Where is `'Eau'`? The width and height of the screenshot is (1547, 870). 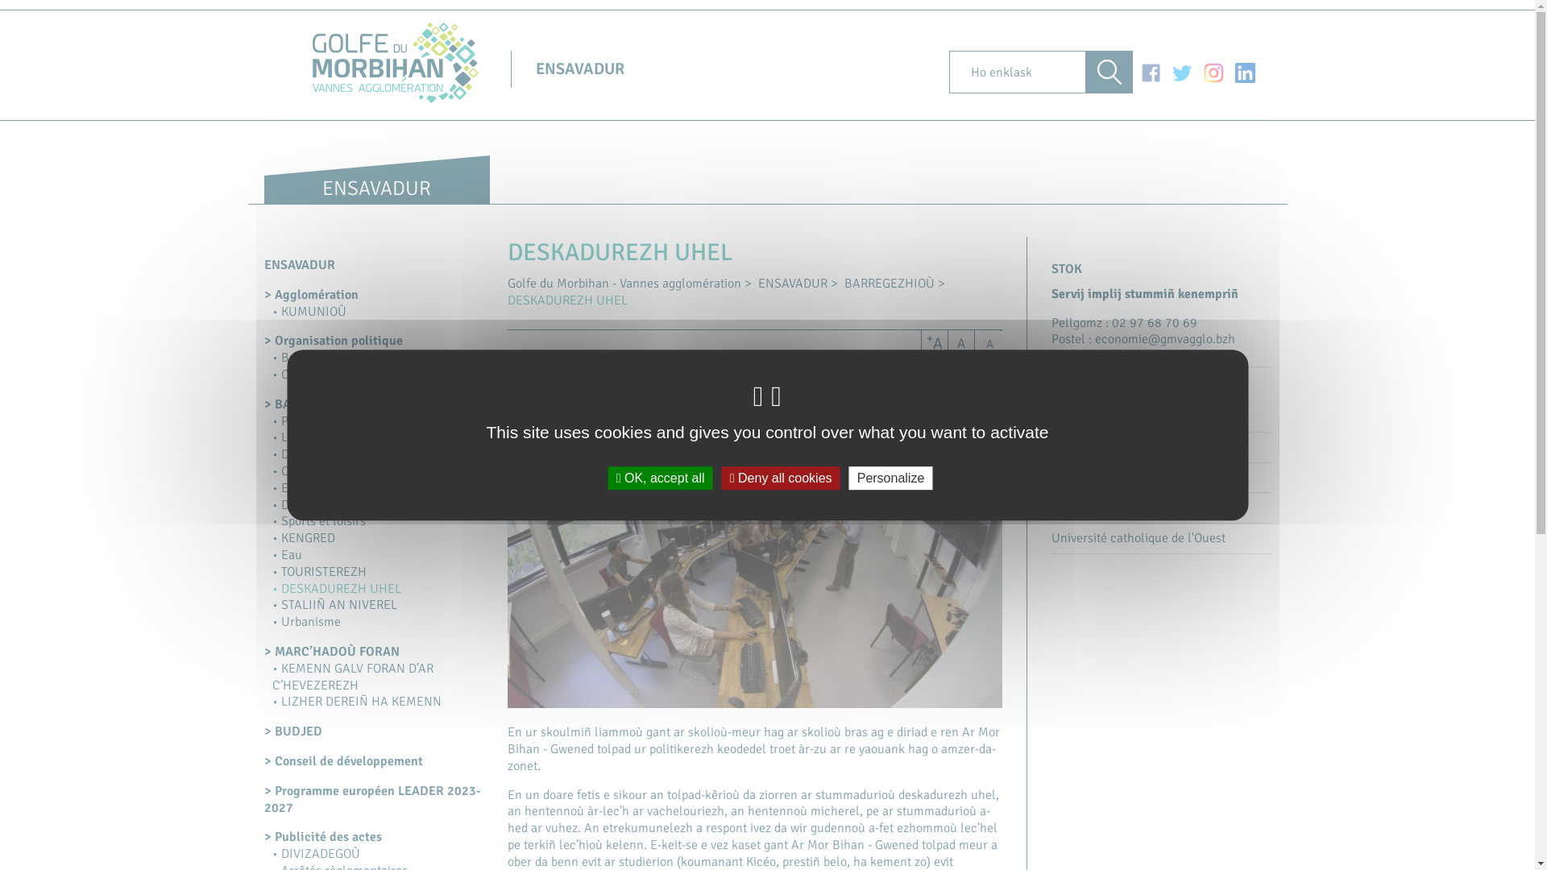 'Eau' is located at coordinates (287, 554).